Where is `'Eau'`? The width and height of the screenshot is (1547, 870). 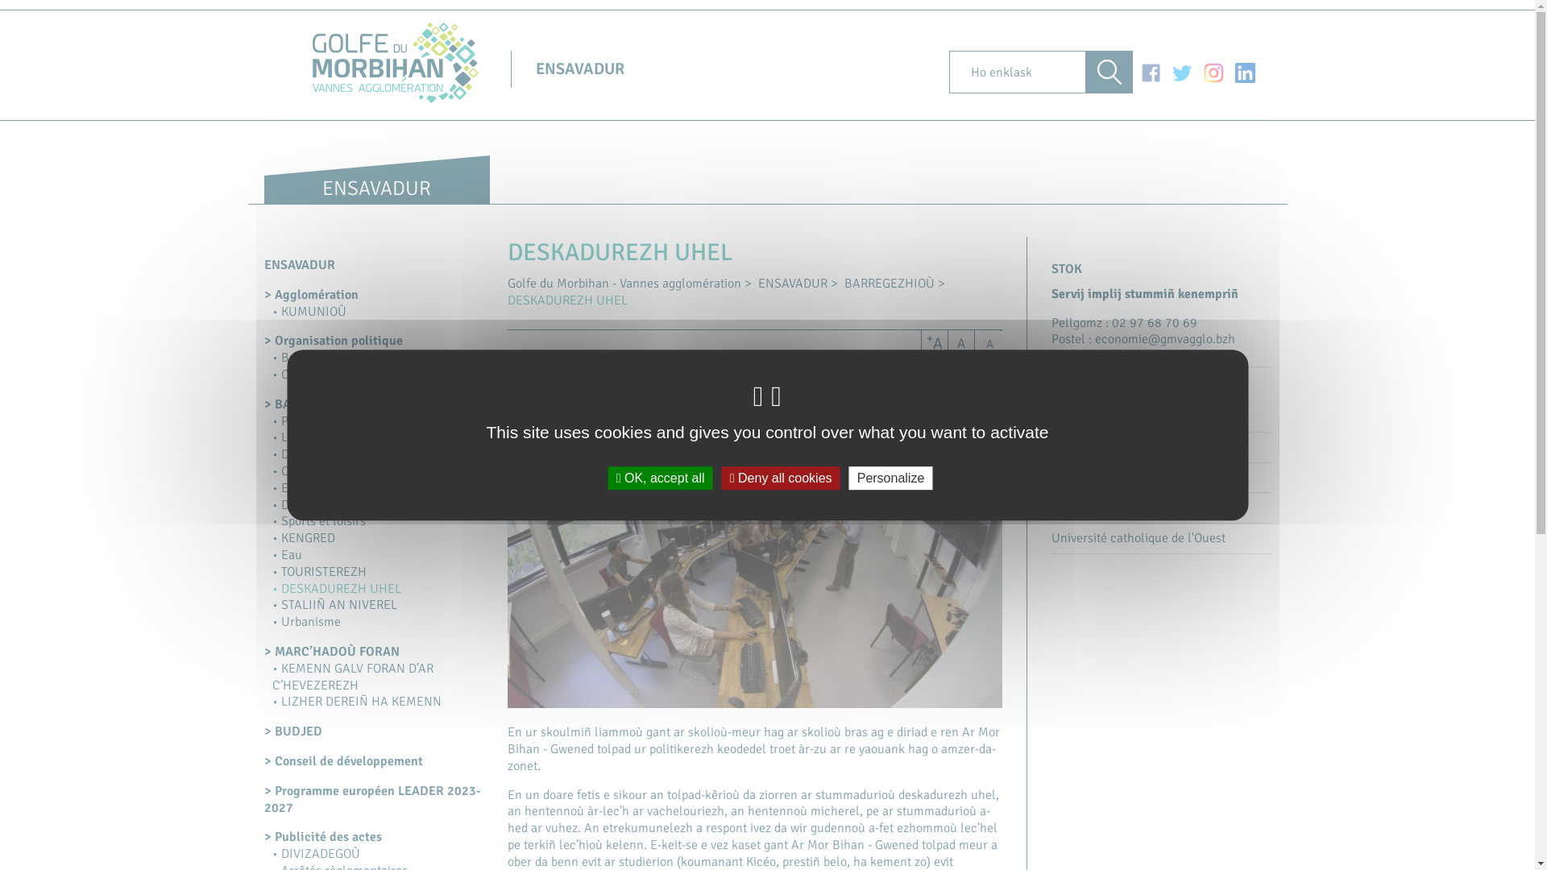 'Eau' is located at coordinates (287, 554).